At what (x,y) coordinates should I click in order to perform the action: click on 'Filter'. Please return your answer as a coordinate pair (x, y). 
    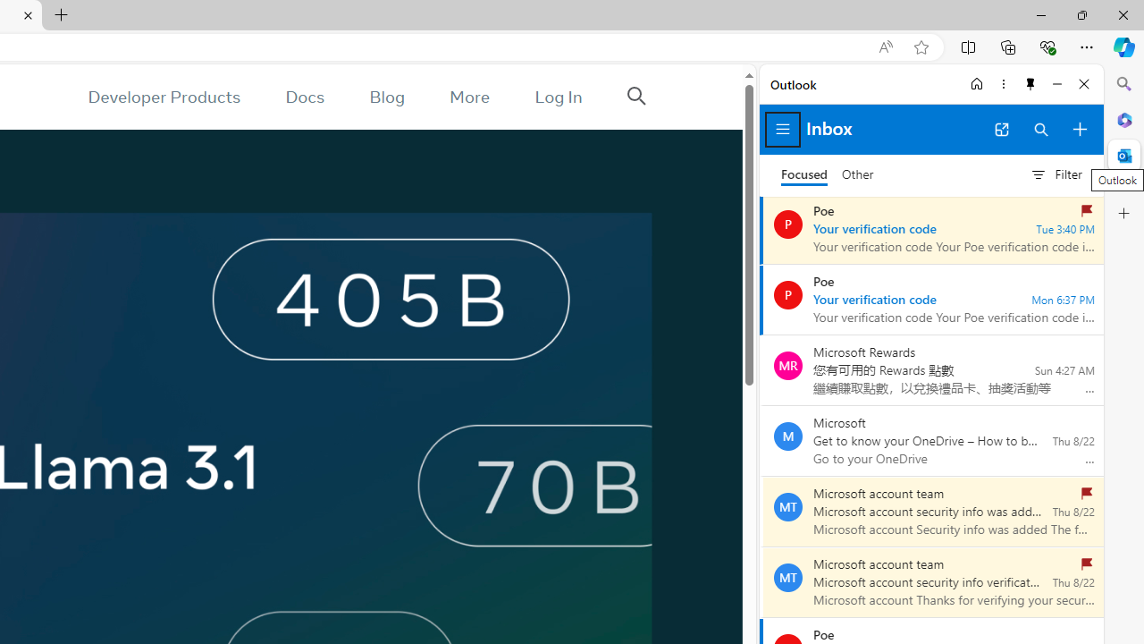
    Looking at the image, I should click on (1056, 174).